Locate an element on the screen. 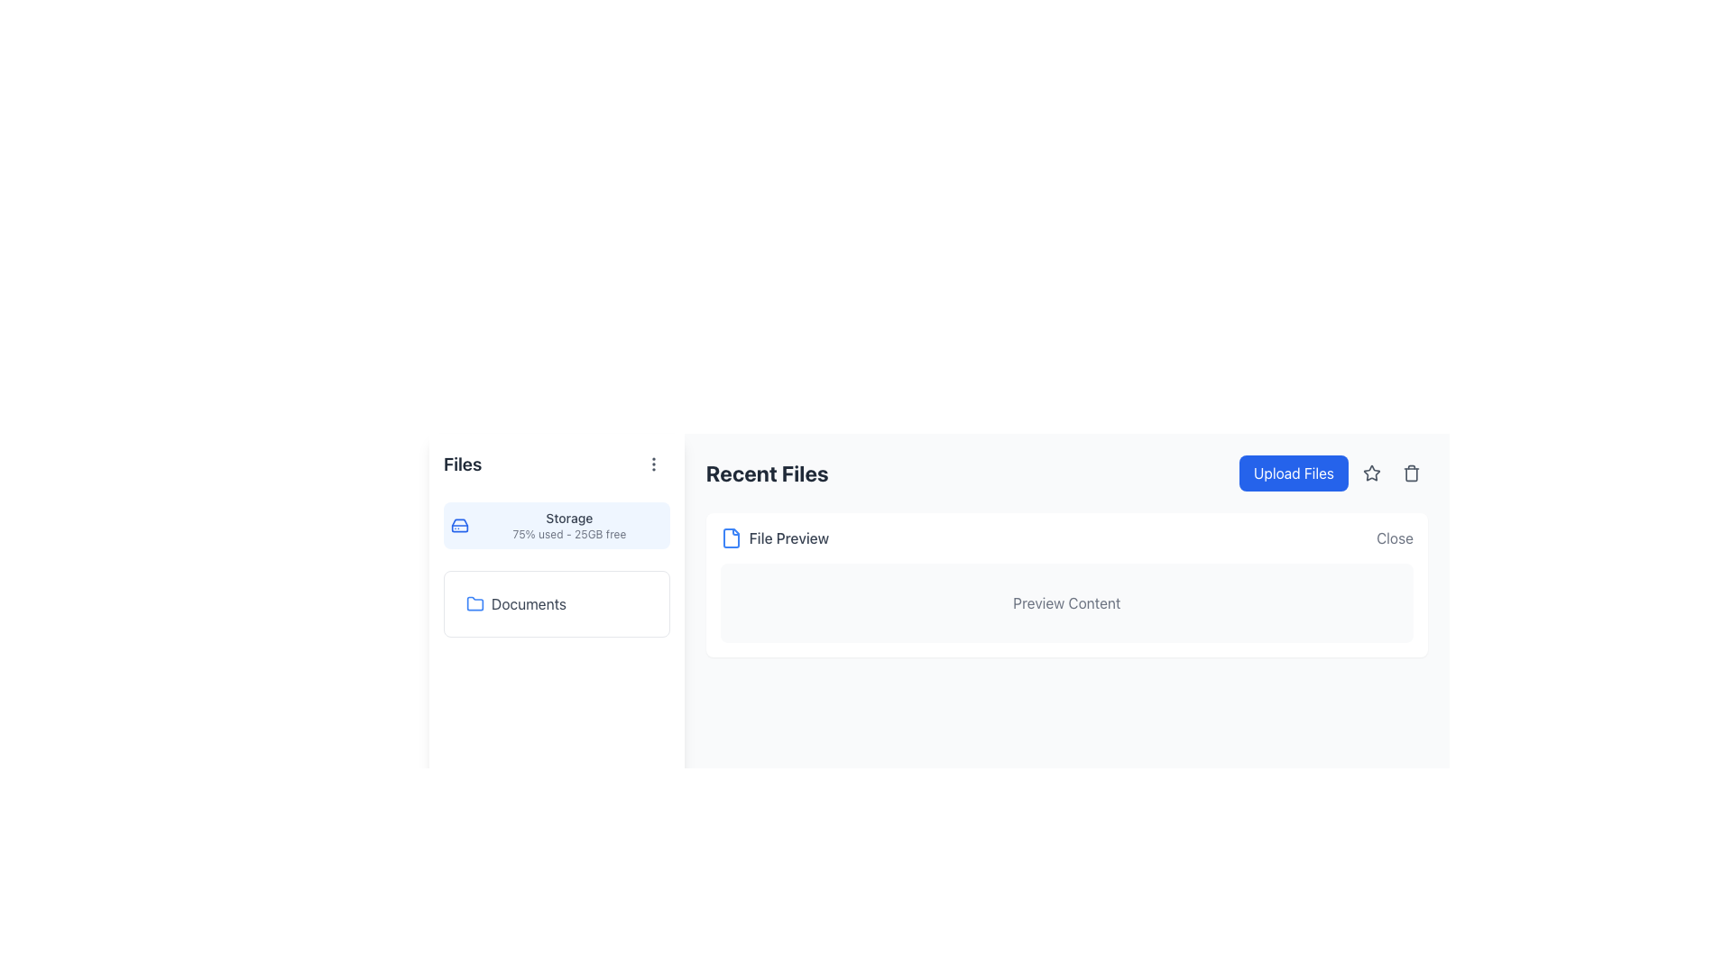 Image resolution: width=1732 pixels, height=974 pixels. the static text label 'Documents' located to the right of the folder icon in the 'Files' panel, below the 'Storage' section is located at coordinates (528, 604).